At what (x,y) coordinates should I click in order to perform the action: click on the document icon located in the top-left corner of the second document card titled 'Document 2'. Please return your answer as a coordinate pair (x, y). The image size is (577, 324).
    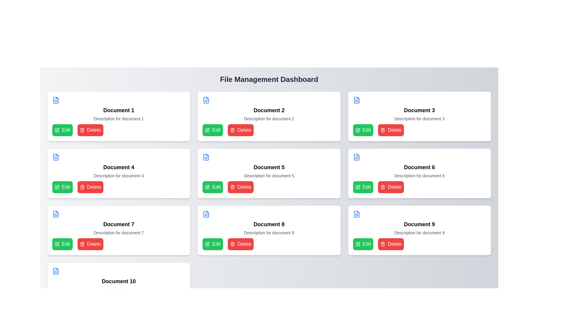
    Looking at the image, I should click on (206, 100).